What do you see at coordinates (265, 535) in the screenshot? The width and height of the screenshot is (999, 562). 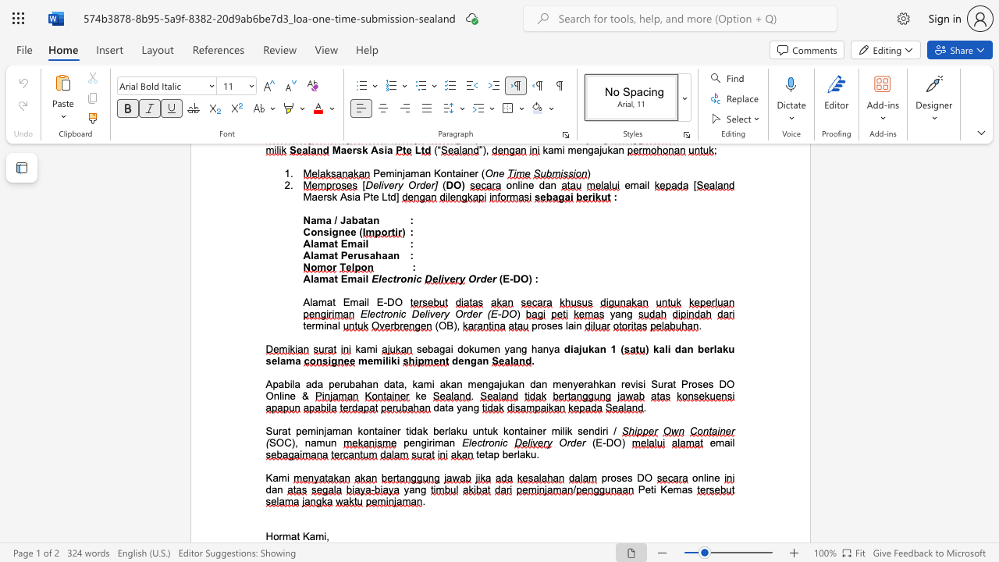 I see `the subset text "Hormat K" within the text "Hormat Kami,"` at bounding box center [265, 535].